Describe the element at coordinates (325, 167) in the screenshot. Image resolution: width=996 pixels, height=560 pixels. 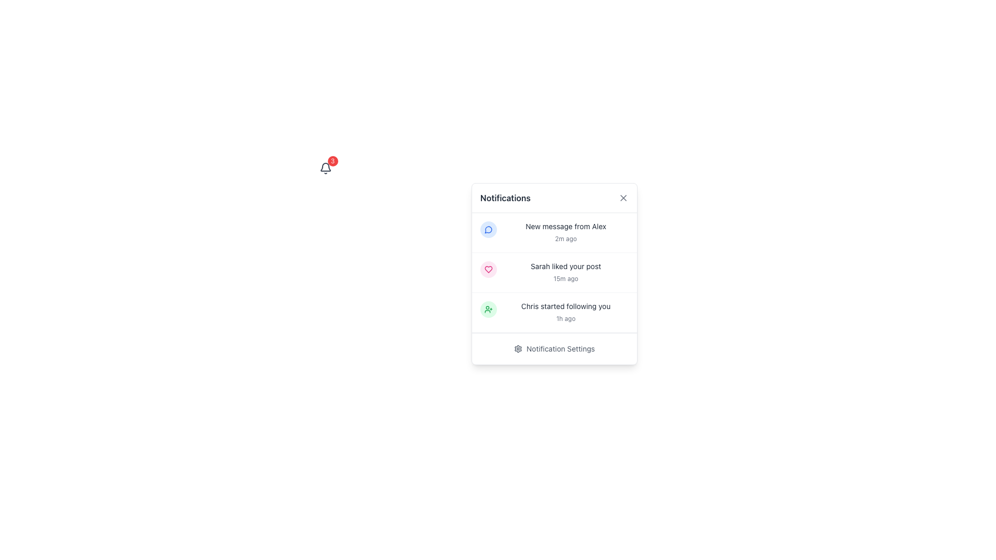
I see `the notification icon shaped like a bell, which has a red badge displaying the number '3'` at that location.